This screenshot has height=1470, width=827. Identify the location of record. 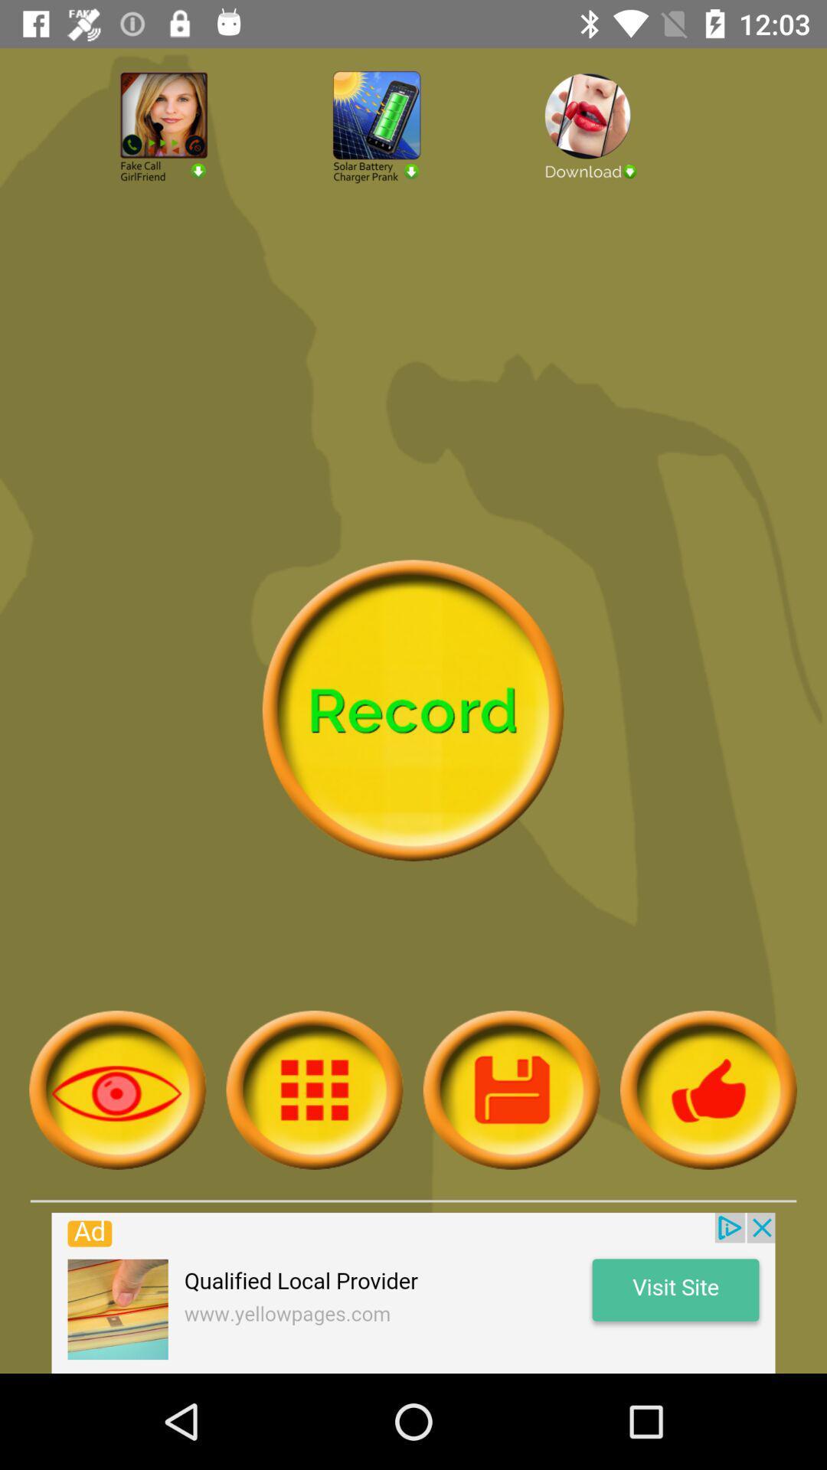
(412, 710).